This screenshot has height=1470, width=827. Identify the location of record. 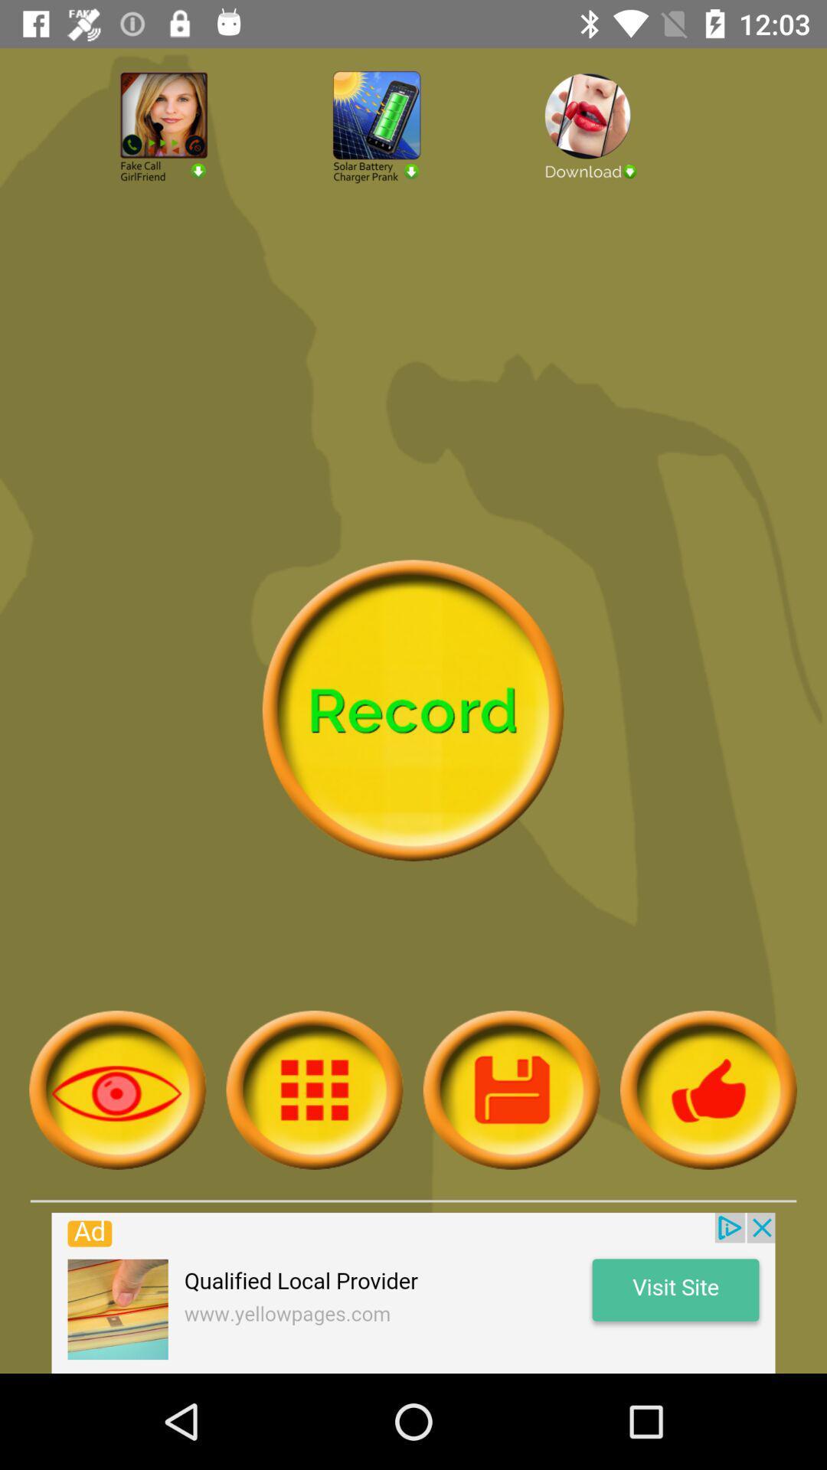
(412, 710).